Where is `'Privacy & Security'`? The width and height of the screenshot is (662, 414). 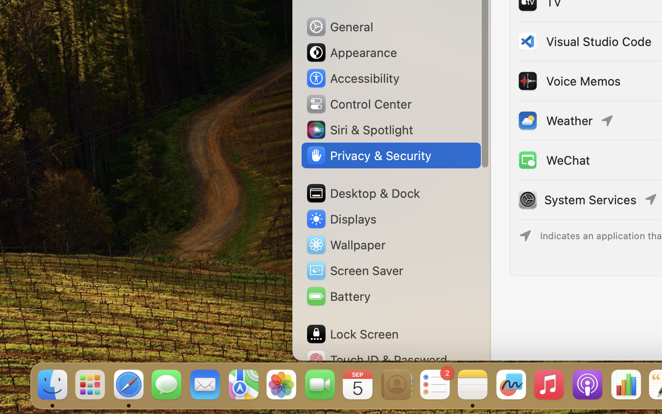
'Privacy & Security' is located at coordinates (368, 155).